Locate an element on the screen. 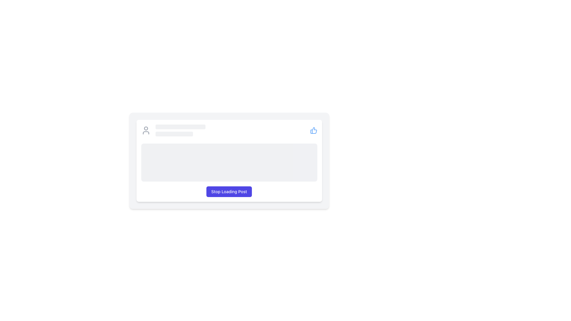 The height and width of the screenshot is (321, 571). the blue thumbs-up icon located at the top-right corner of the UI panel is located at coordinates (313, 130).